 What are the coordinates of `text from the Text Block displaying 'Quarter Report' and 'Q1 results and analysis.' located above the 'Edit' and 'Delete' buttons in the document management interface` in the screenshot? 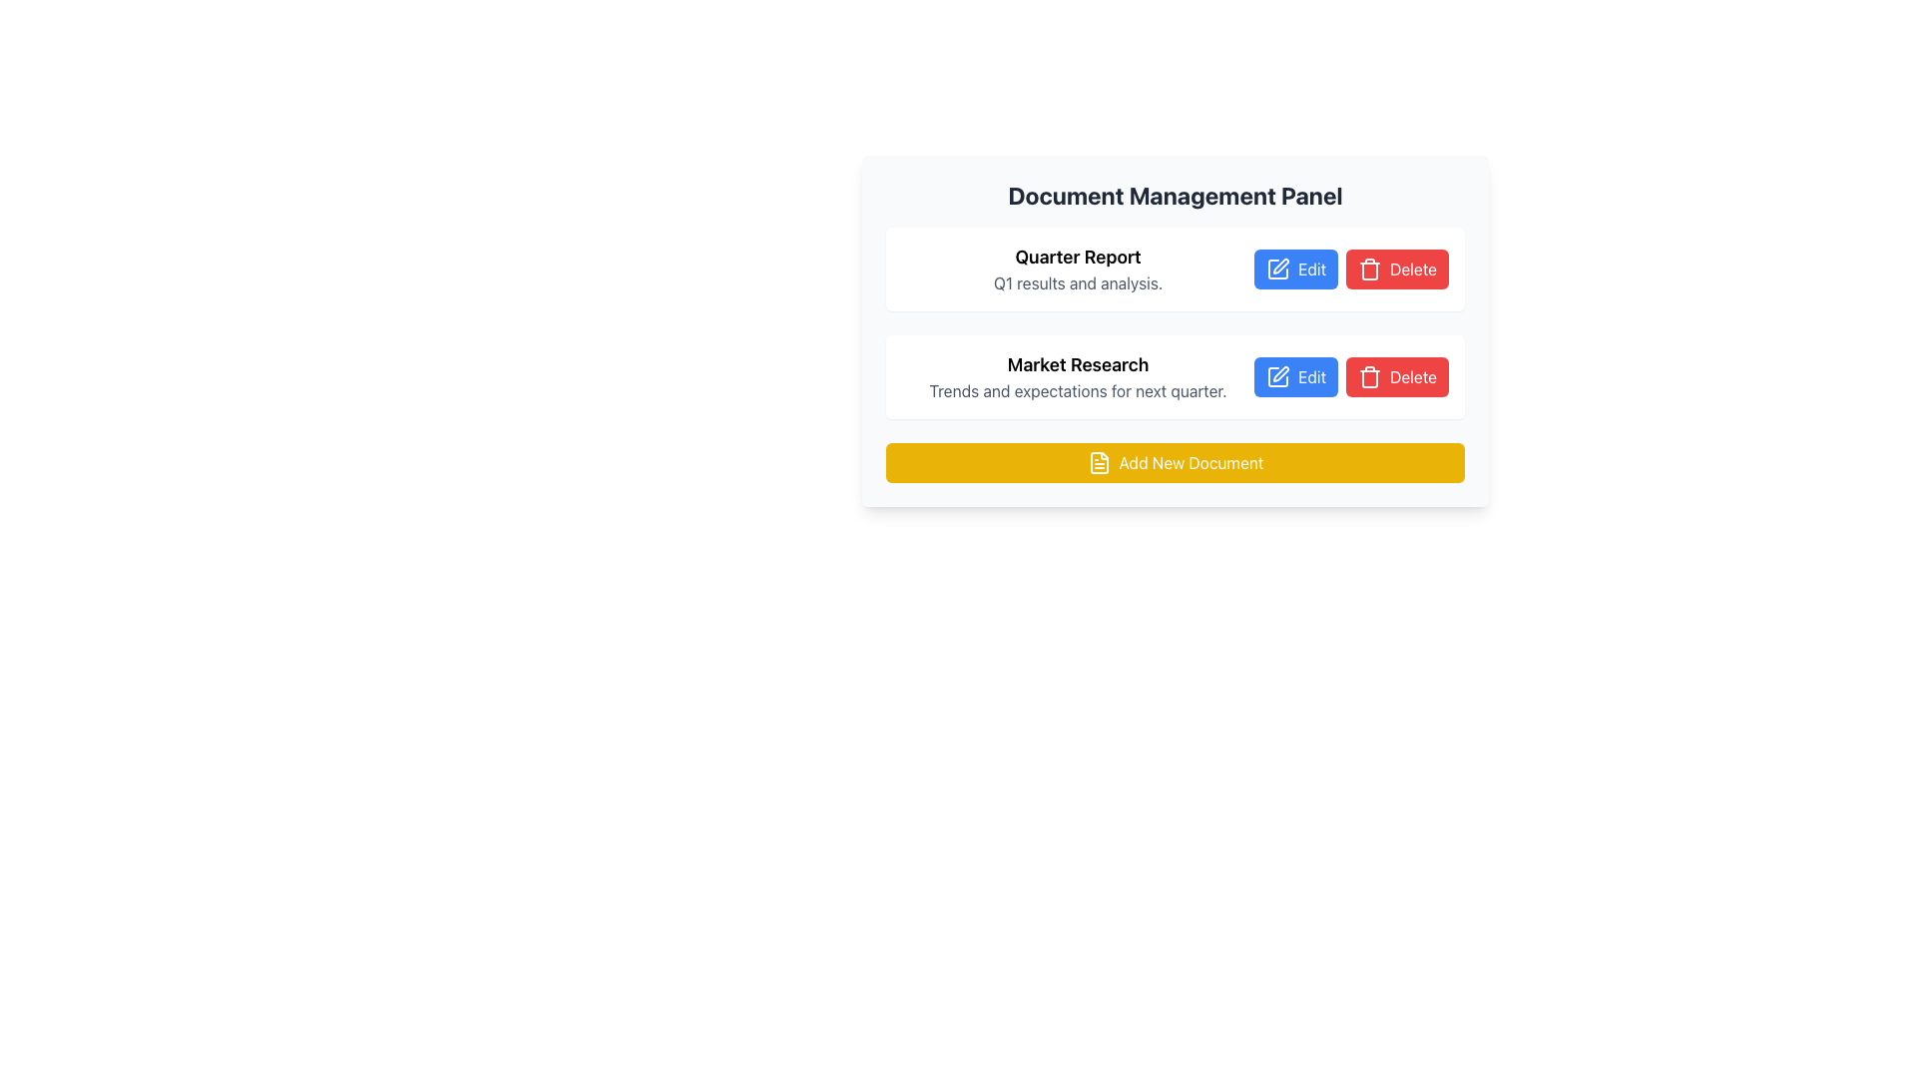 It's located at (1077, 269).